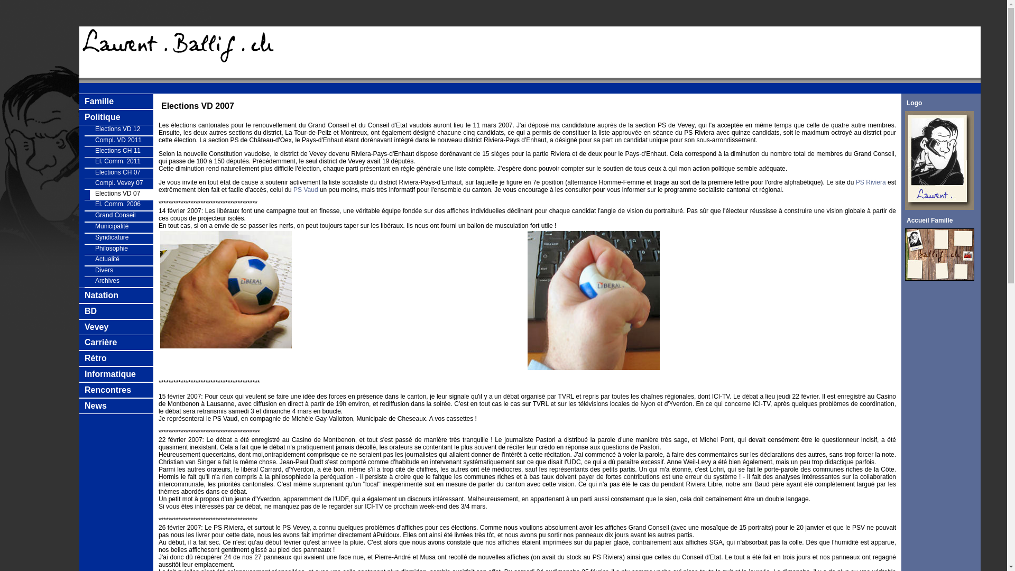  What do you see at coordinates (123, 280) in the screenshot?
I see `'Archives'` at bounding box center [123, 280].